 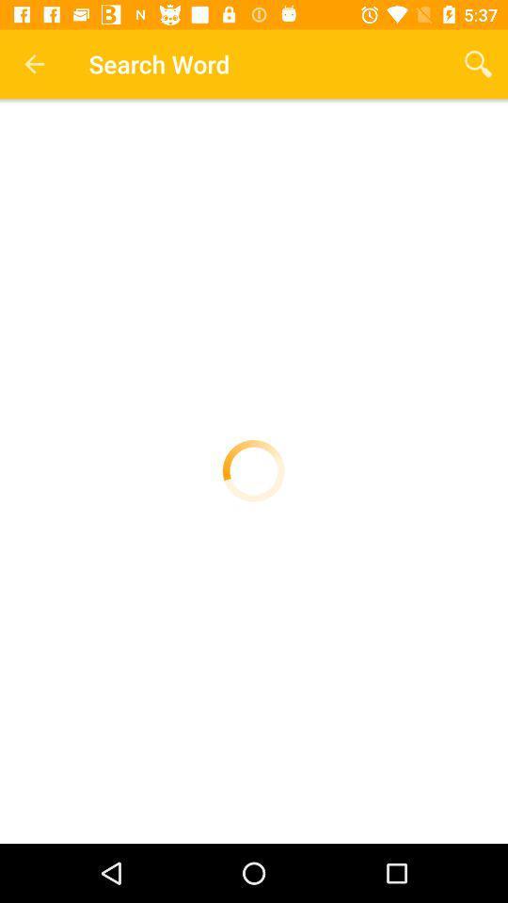 What do you see at coordinates (34, 64) in the screenshot?
I see `item next to the search word` at bounding box center [34, 64].